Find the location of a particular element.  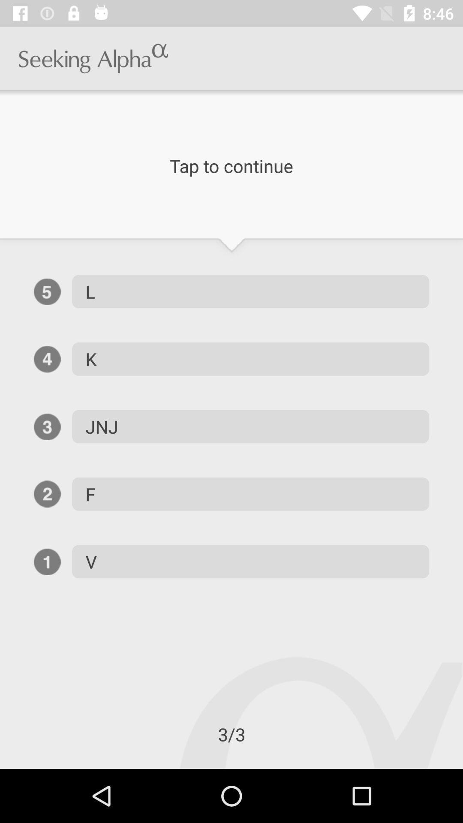

item below 3/3 icon is located at coordinates (0, 769).